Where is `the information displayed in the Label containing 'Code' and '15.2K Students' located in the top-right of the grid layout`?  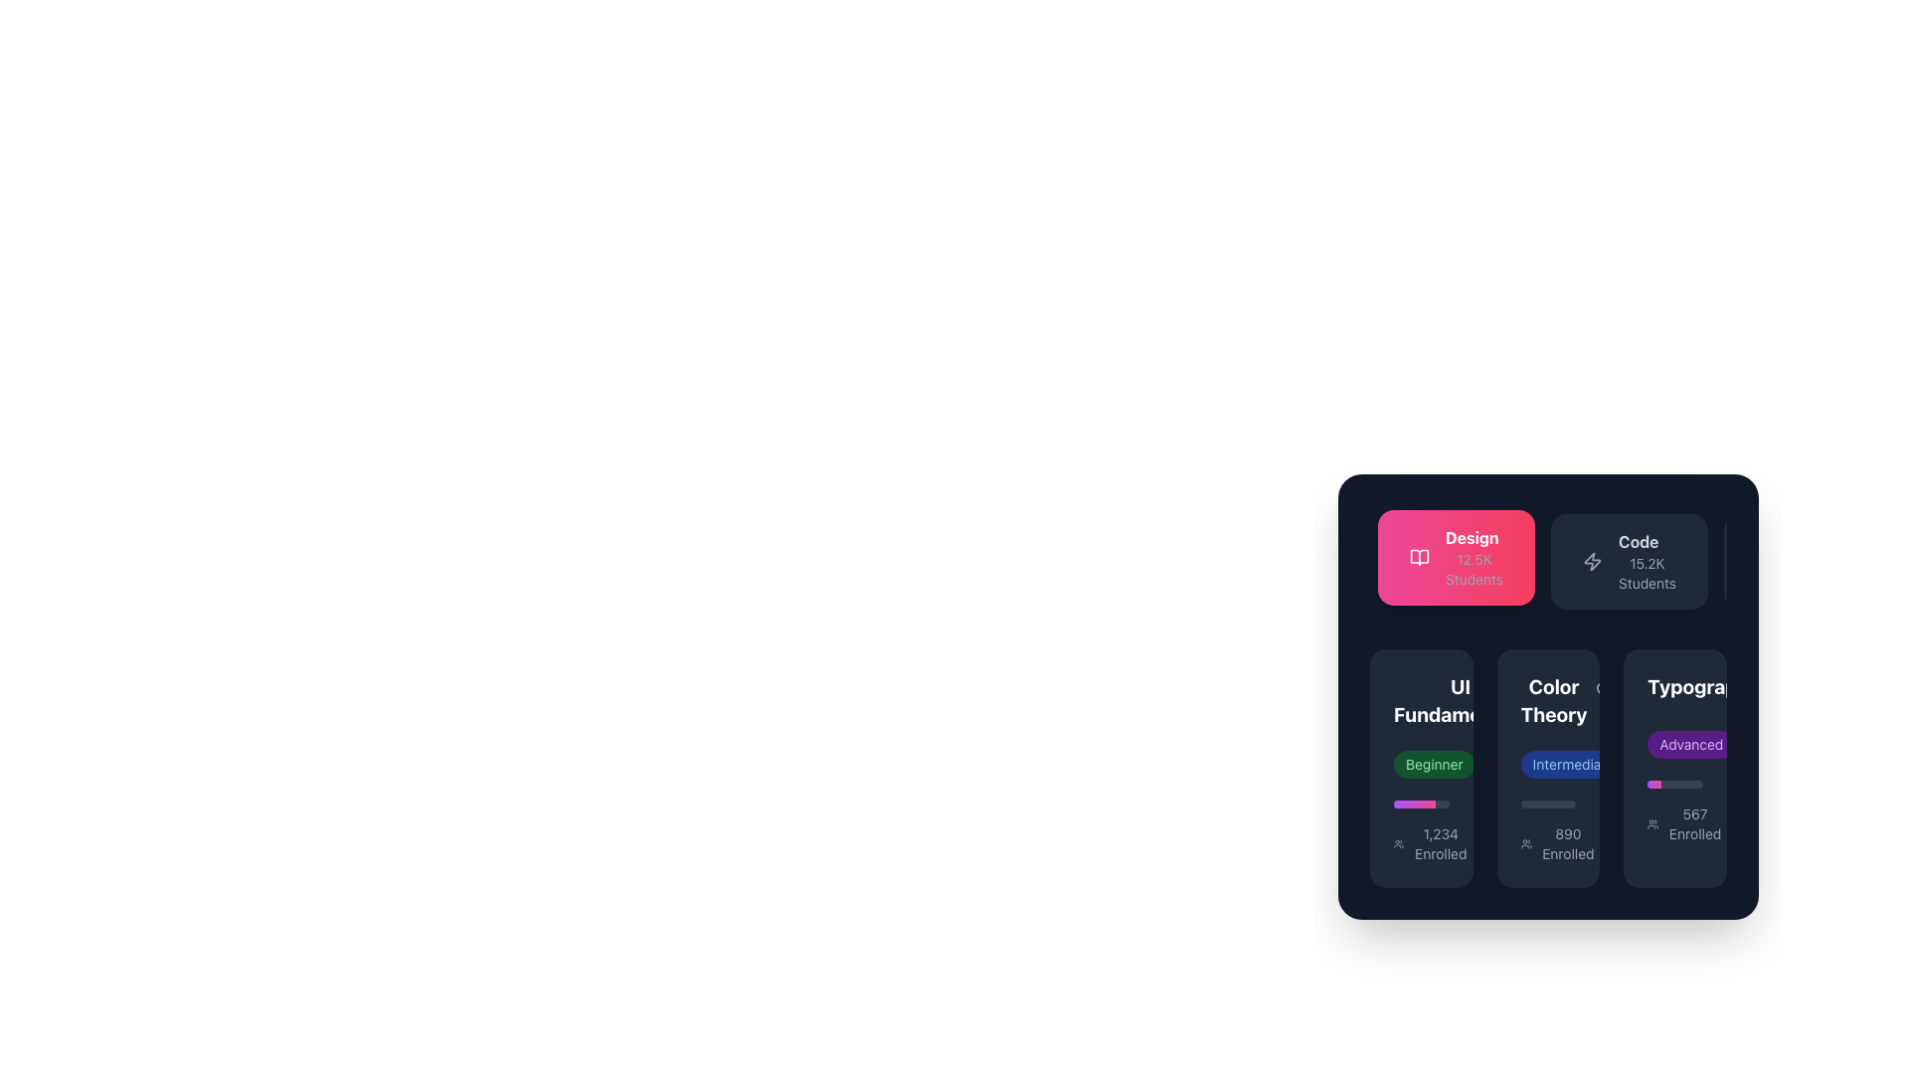
the information displayed in the Label containing 'Code' and '15.2K Students' located in the top-right of the grid layout is located at coordinates (1647, 561).